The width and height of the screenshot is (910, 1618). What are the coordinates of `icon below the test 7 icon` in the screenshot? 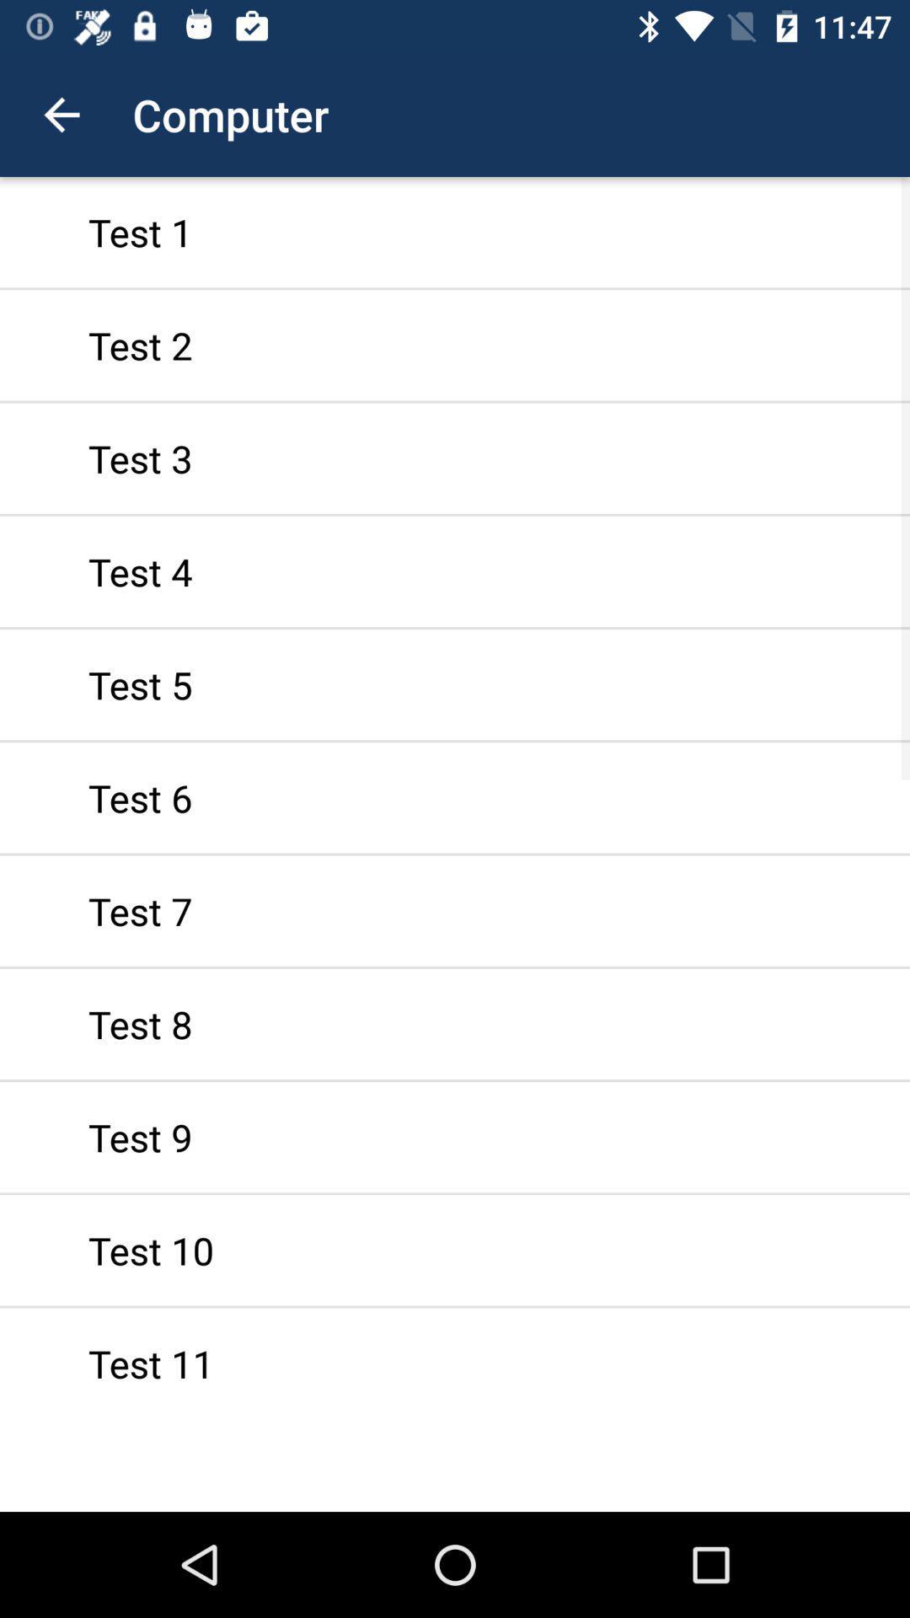 It's located at (455, 1023).